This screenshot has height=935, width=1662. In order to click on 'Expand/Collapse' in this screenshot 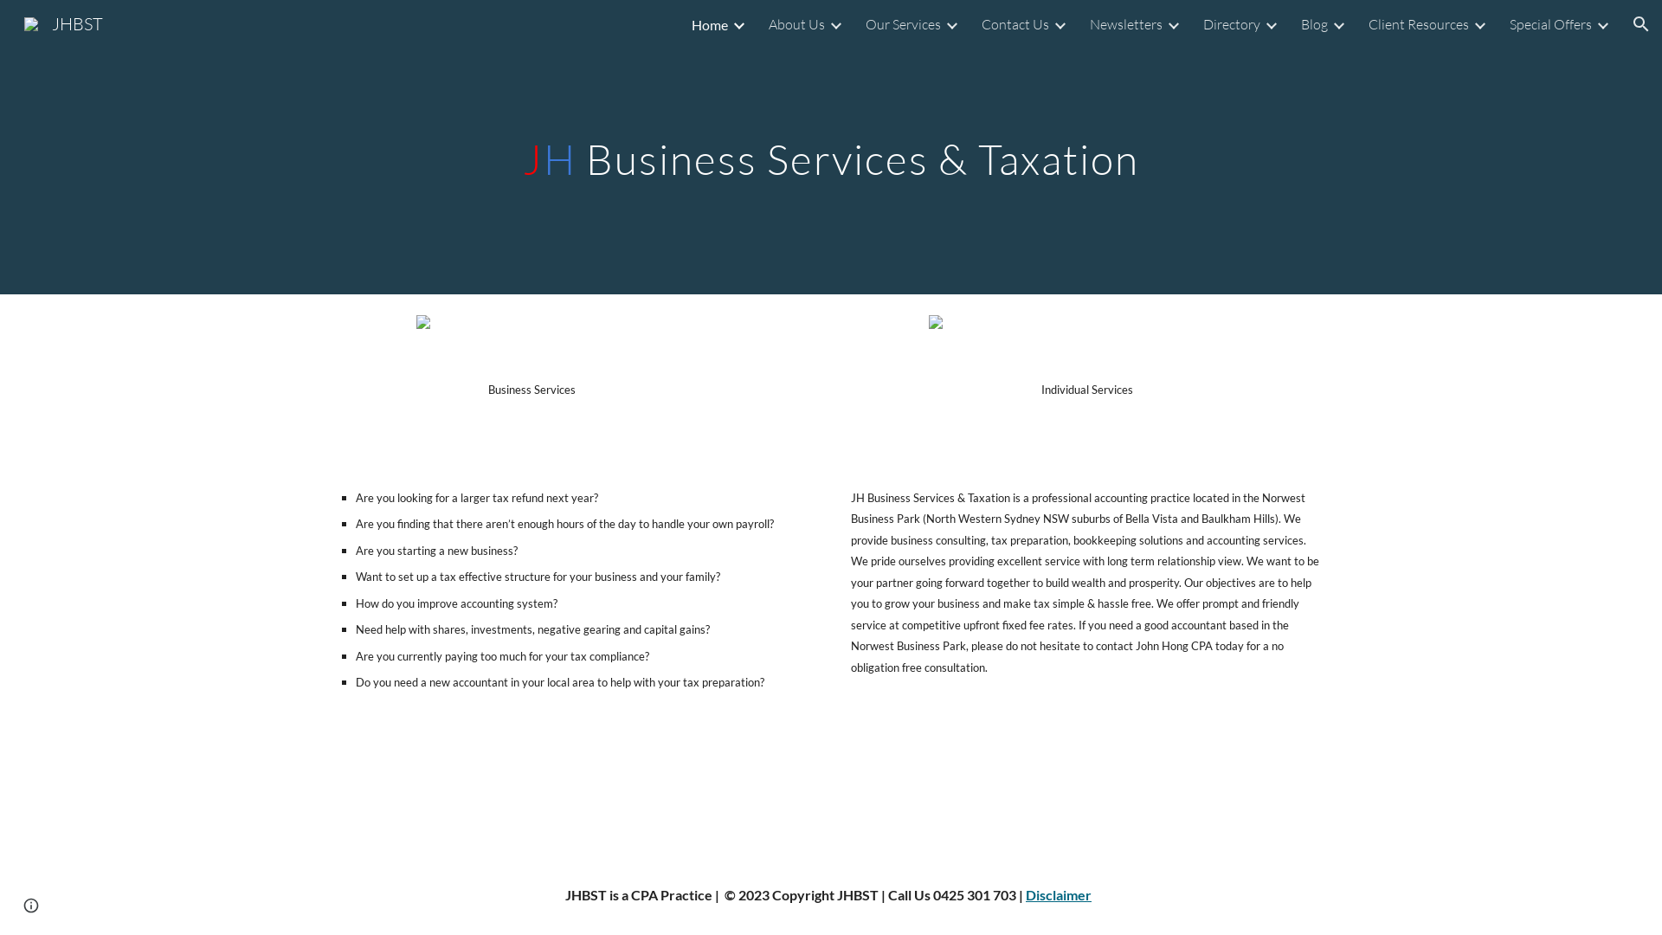, I will do `click(1172, 23)`.